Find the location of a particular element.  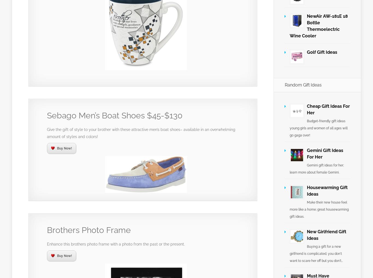

'Enhance this brothers photo frame with a photo from the past or the present.' is located at coordinates (116, 244).